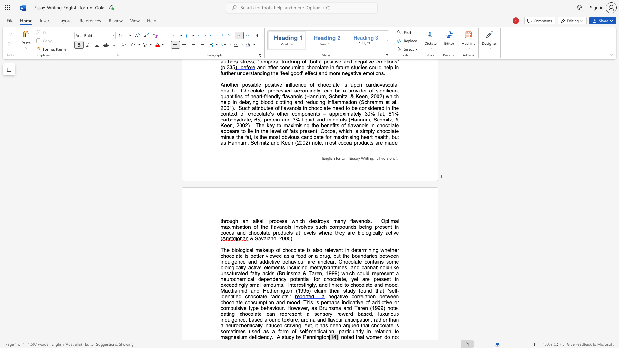  I want to click on the subset text "tudy" within the text "A study by", so click(284, 337).